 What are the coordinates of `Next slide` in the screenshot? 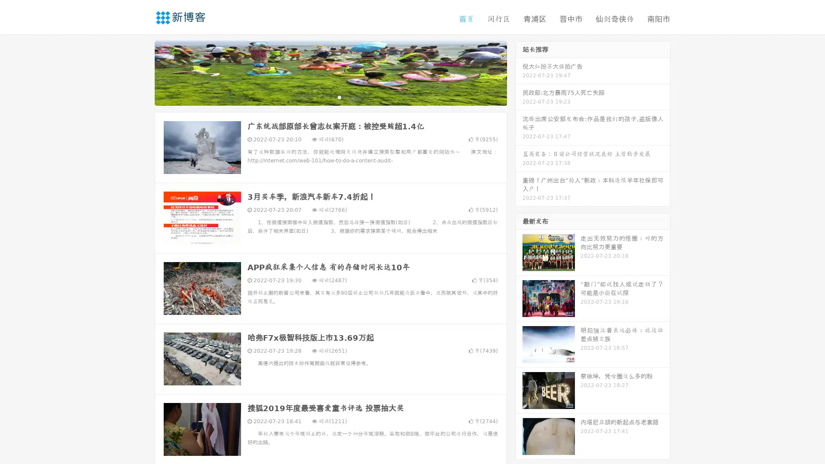 It's located at (519, 72).